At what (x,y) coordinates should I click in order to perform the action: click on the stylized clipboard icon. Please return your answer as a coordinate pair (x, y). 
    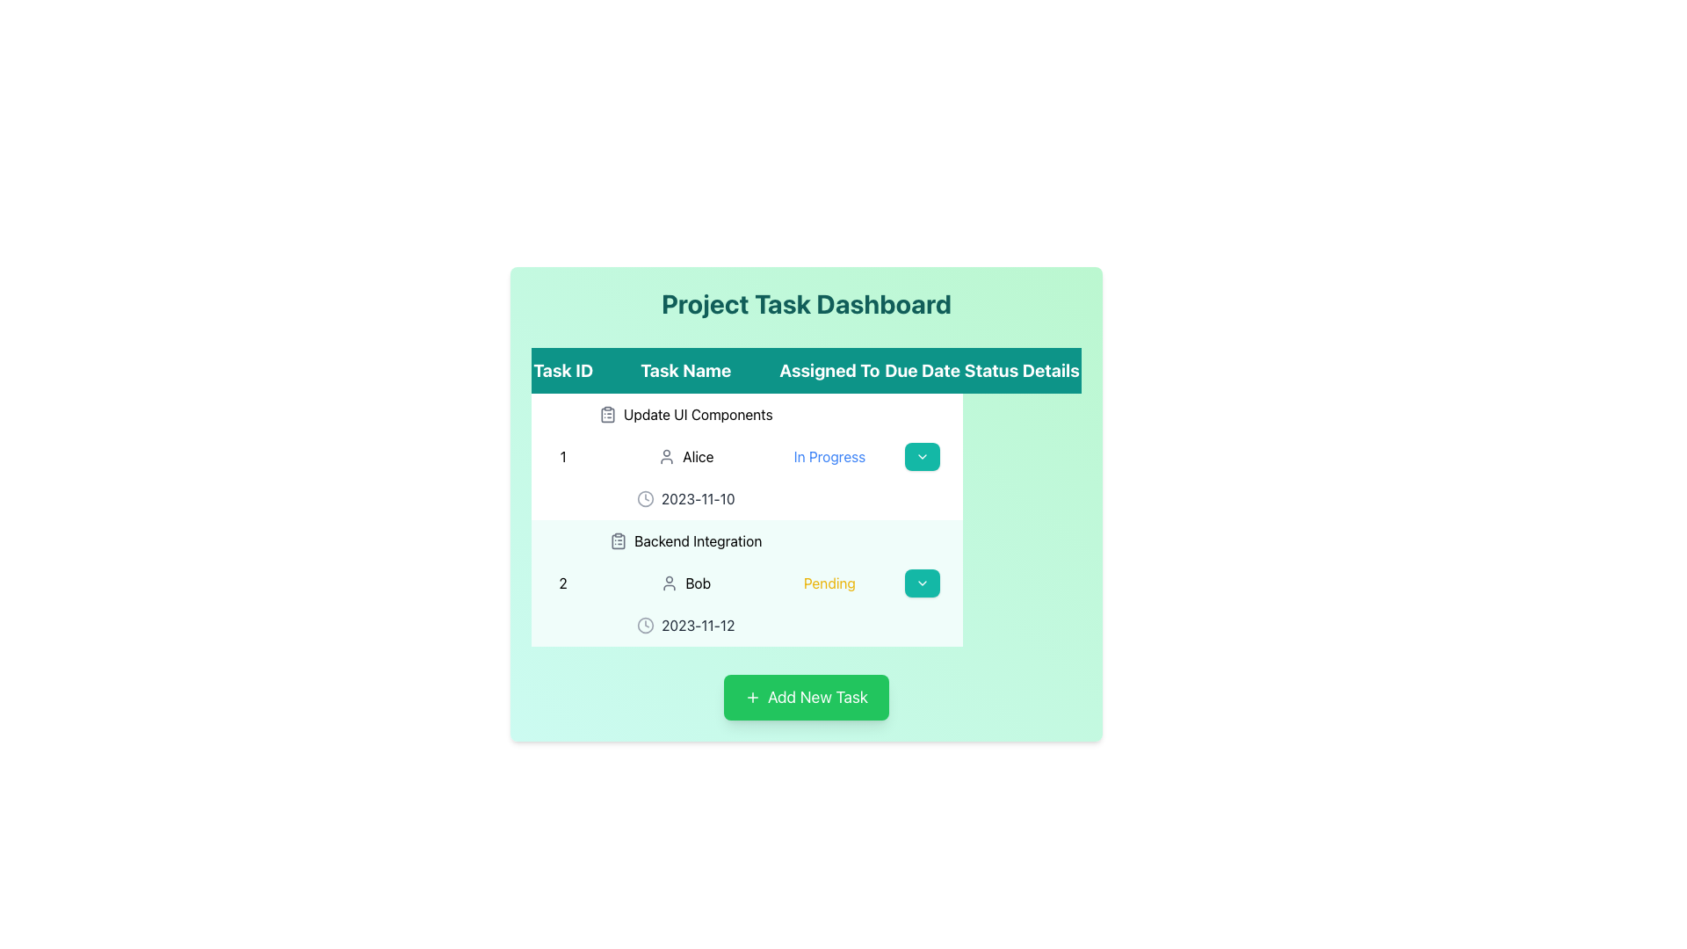
    Looking at the image, I should click on (607, 415).